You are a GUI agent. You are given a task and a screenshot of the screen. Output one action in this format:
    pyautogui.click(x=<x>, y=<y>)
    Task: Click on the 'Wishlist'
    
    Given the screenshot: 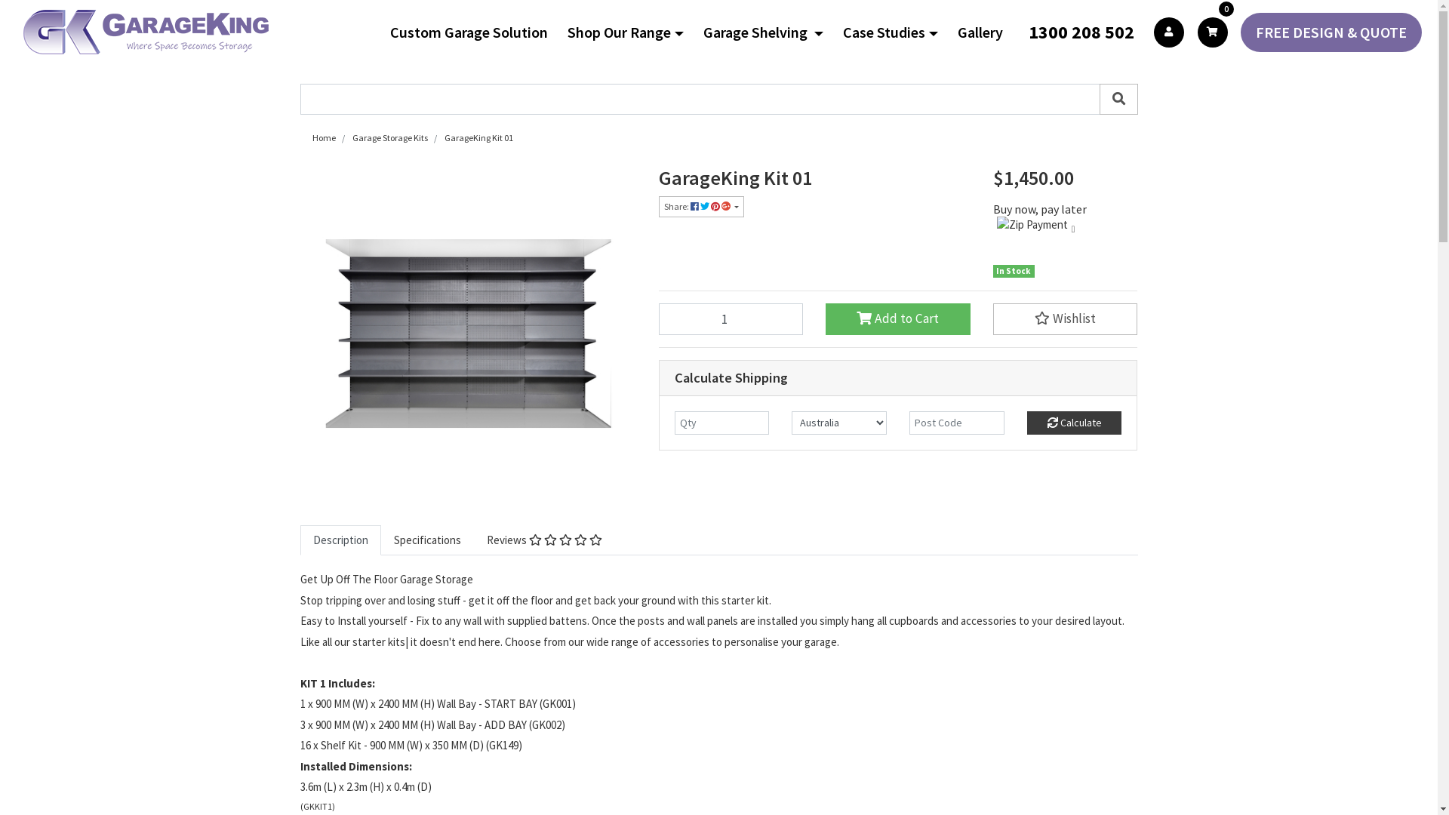 What is the action you would take?
    pyautogui.click(x=1064, y=318)
    